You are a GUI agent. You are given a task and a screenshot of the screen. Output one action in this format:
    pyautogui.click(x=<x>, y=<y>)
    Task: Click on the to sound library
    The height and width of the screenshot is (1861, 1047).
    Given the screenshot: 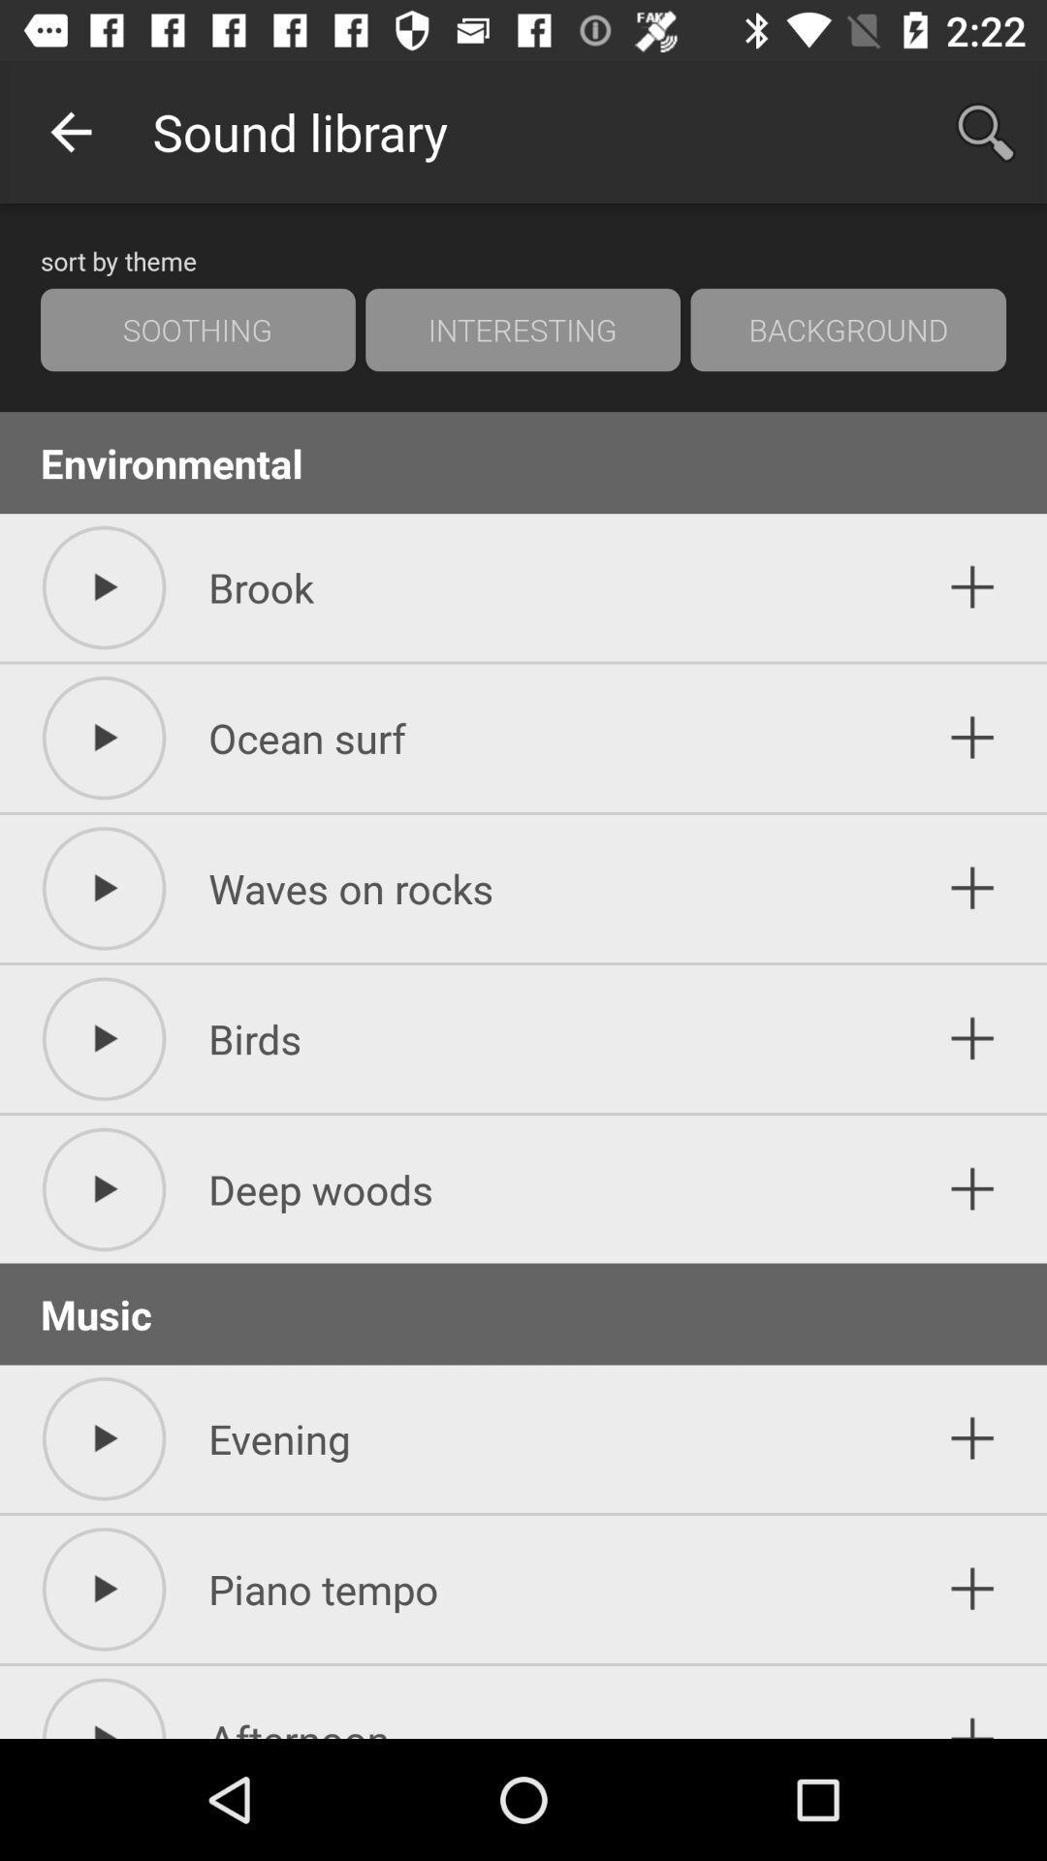 What is the action you would take?
    pyautogui.click(x=972, y=1707)
    